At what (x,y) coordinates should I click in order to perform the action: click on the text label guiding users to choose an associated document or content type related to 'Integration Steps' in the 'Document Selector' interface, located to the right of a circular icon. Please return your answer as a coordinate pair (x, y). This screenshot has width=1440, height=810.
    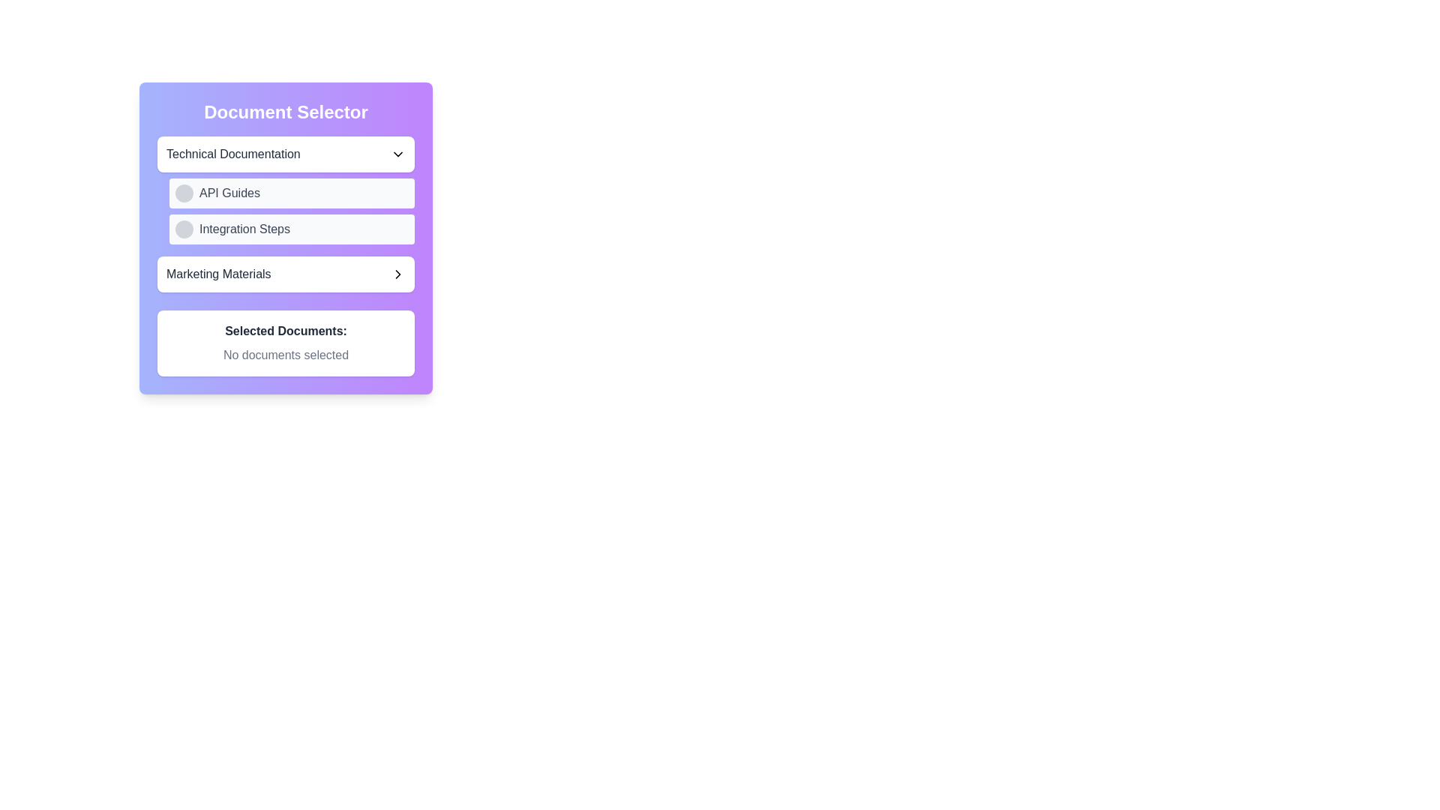
    Looking at the image, I should click on (244, 229).